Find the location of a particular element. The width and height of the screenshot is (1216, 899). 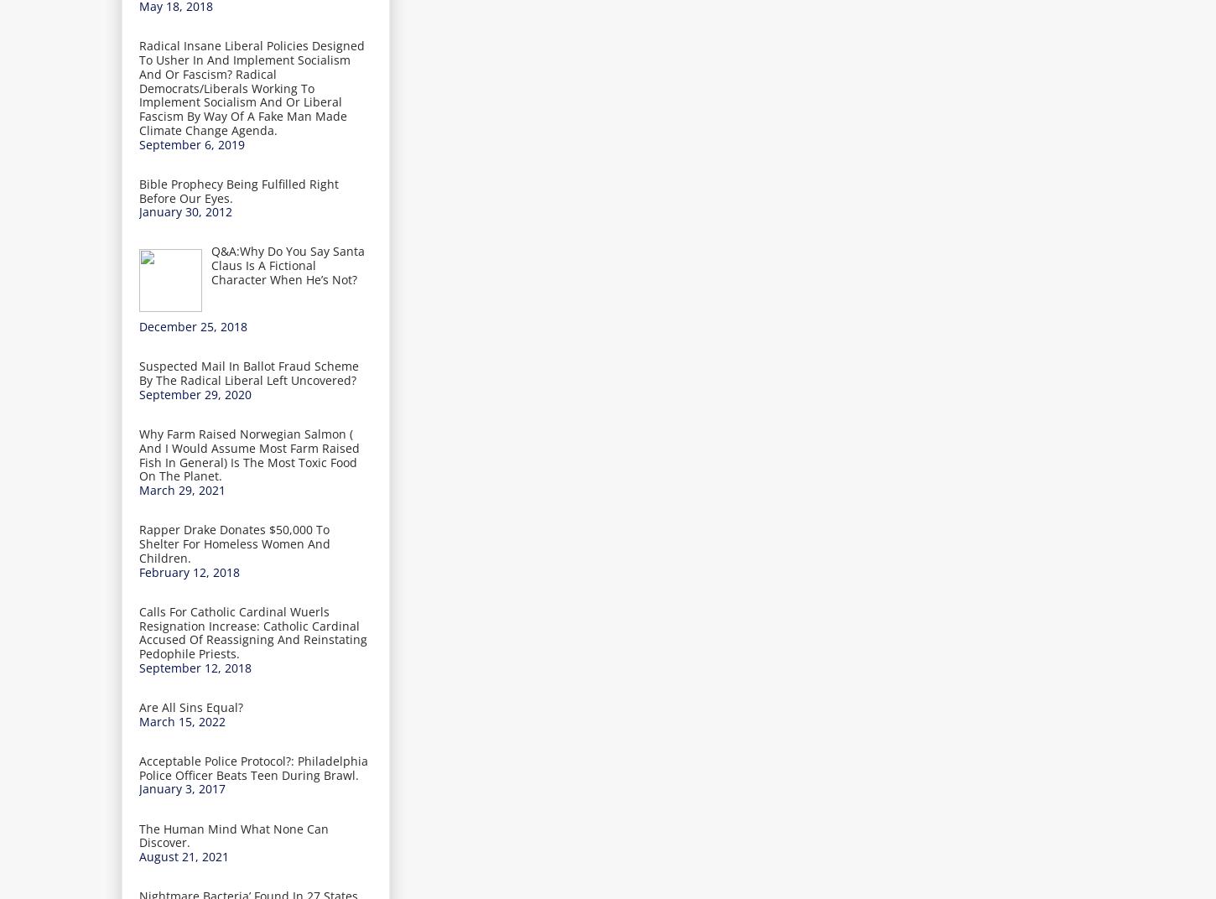

'The Human Mind What None Can Discover.' is located at coordinates (138, 834).